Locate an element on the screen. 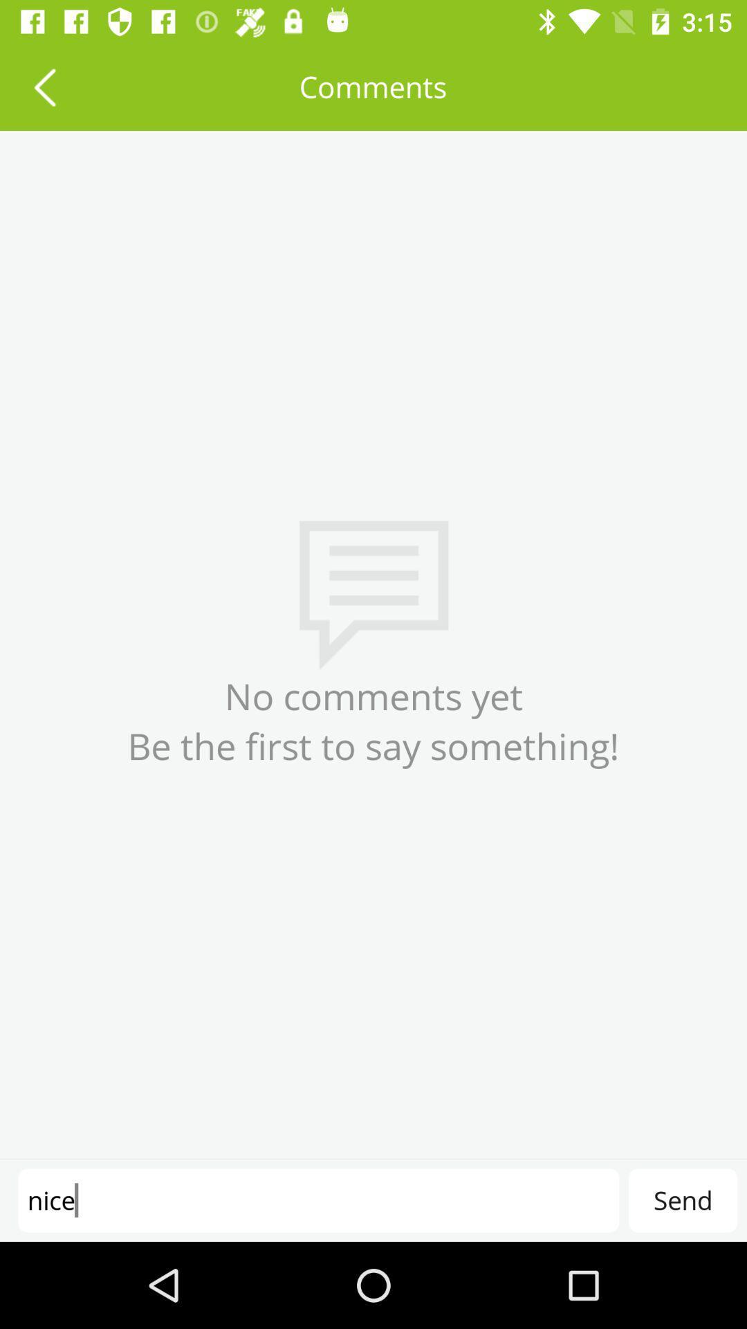  nice icon is located at coordinates (318, 1200).